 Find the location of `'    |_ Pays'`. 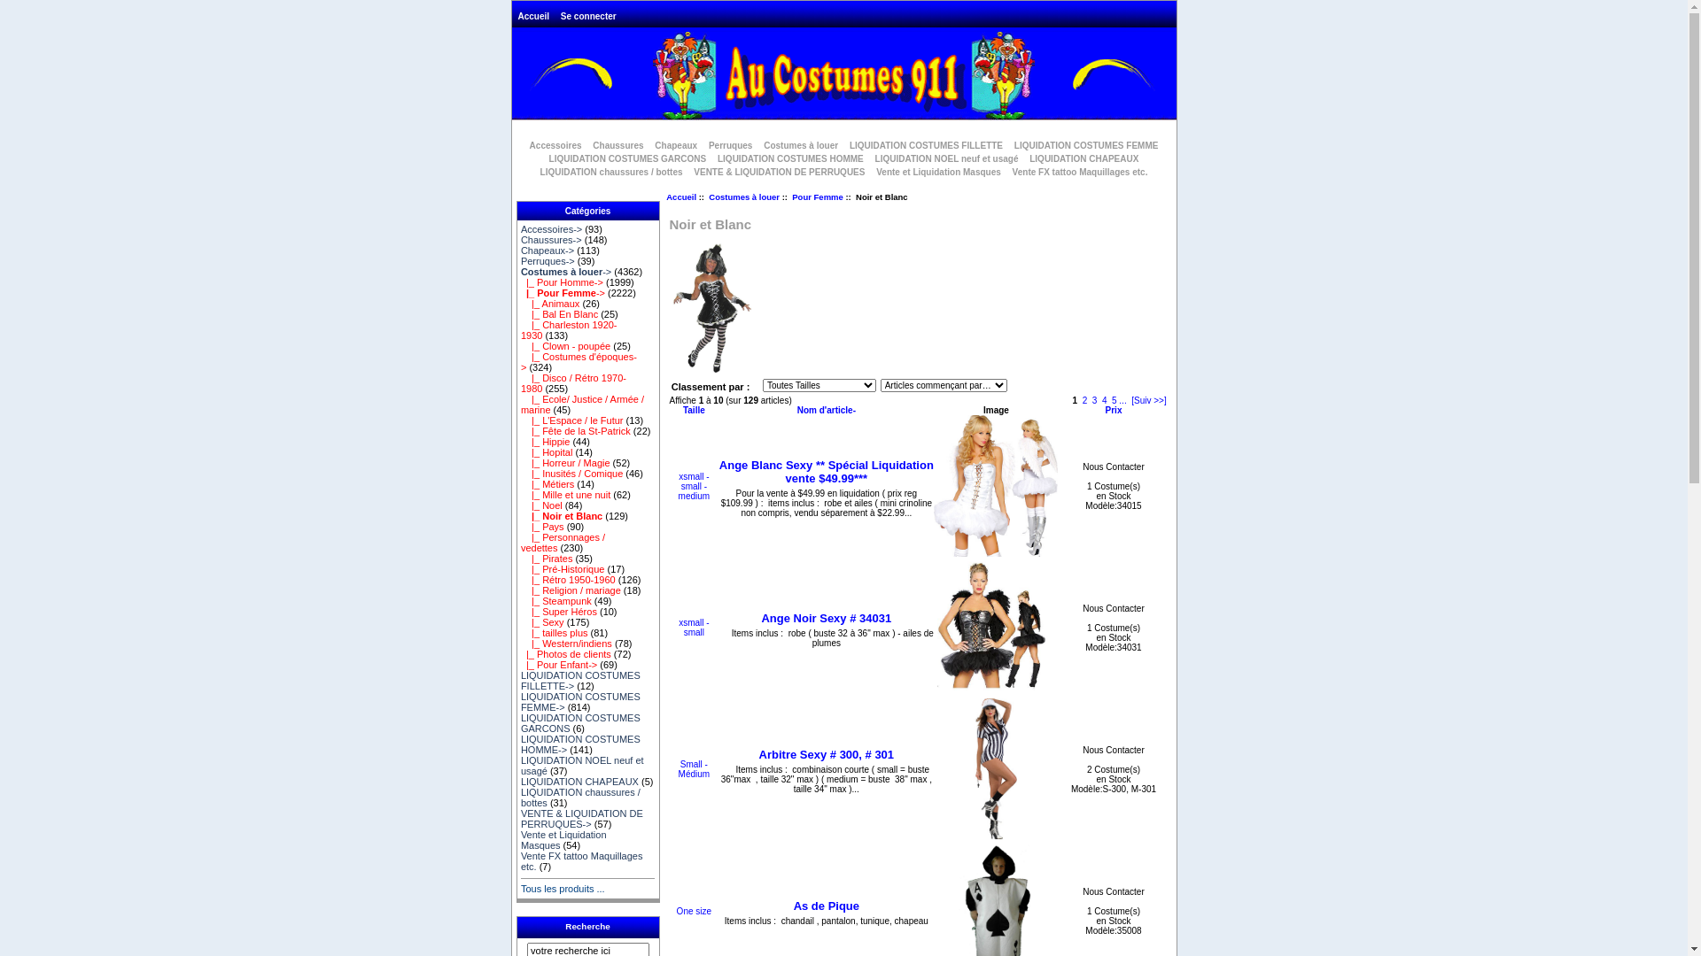

'    |_ Pays' is located at coordinates (520, 525).